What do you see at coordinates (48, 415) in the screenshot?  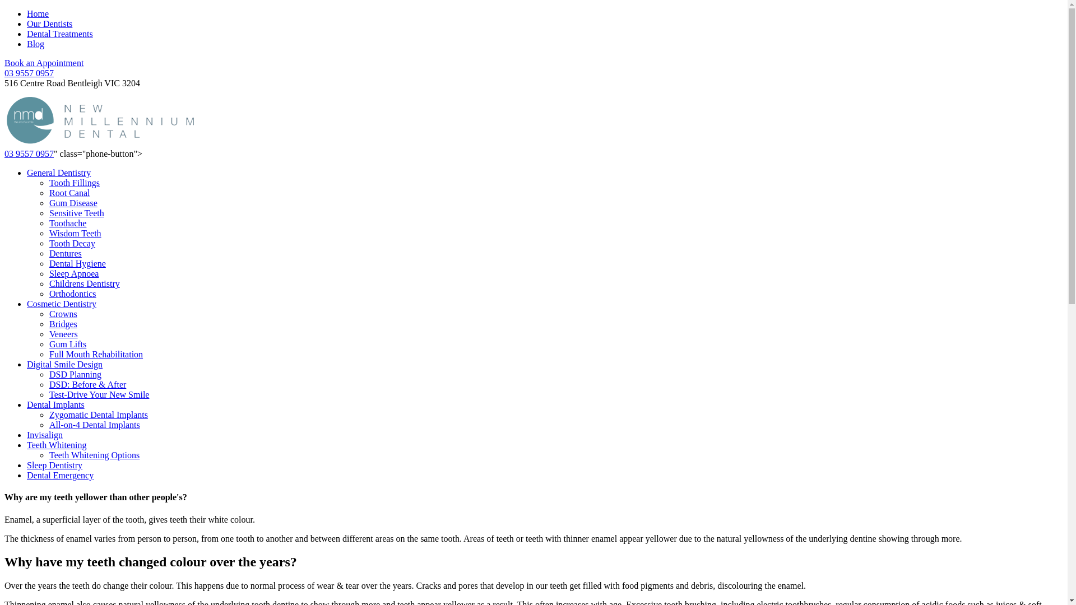 I see `'Zygomatic Dental Implants'` at bounding box center [48, 415].